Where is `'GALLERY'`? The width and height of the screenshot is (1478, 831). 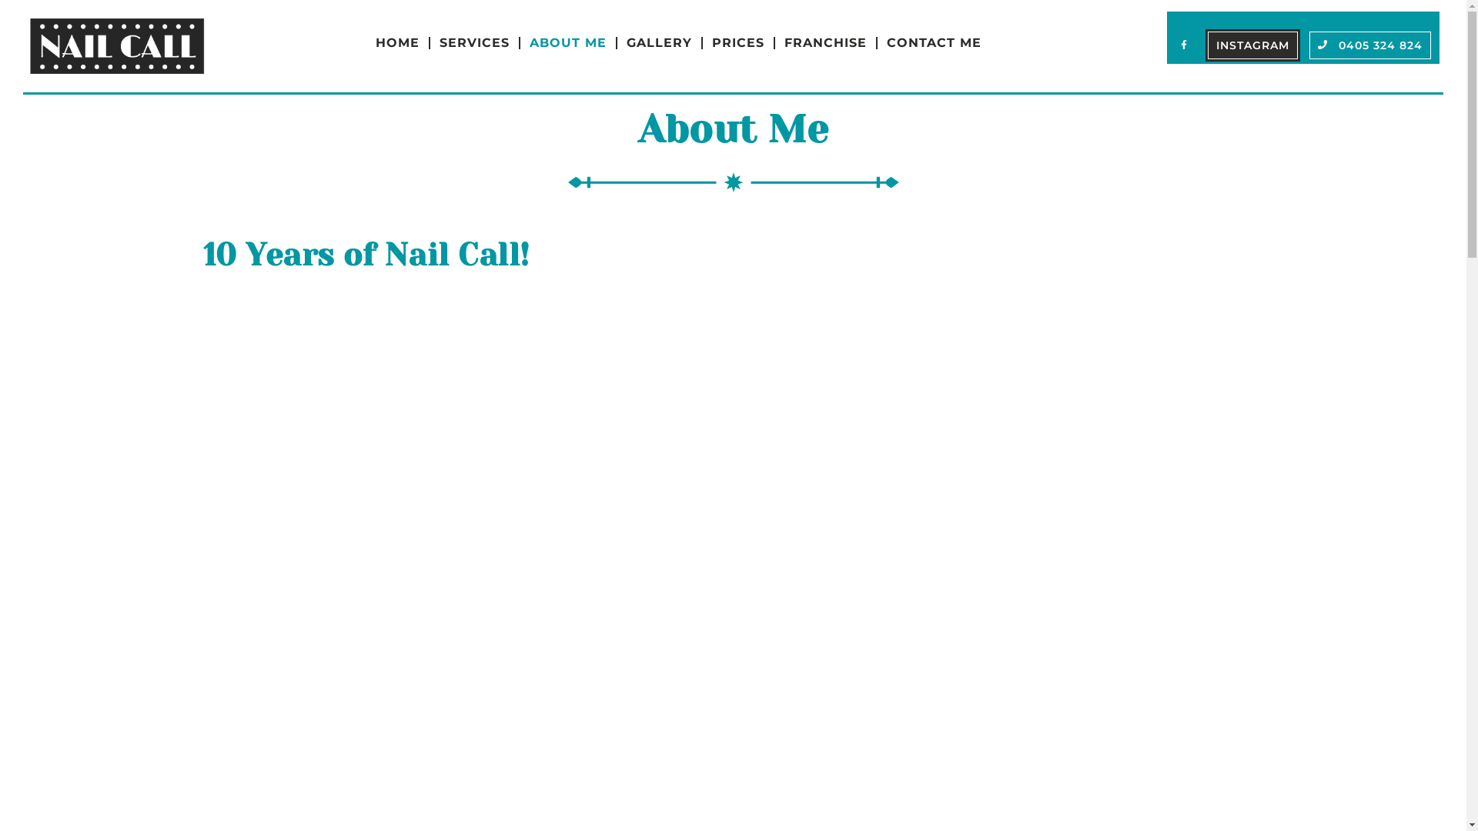
'GALLERY' is located at coordinates (664, 42).